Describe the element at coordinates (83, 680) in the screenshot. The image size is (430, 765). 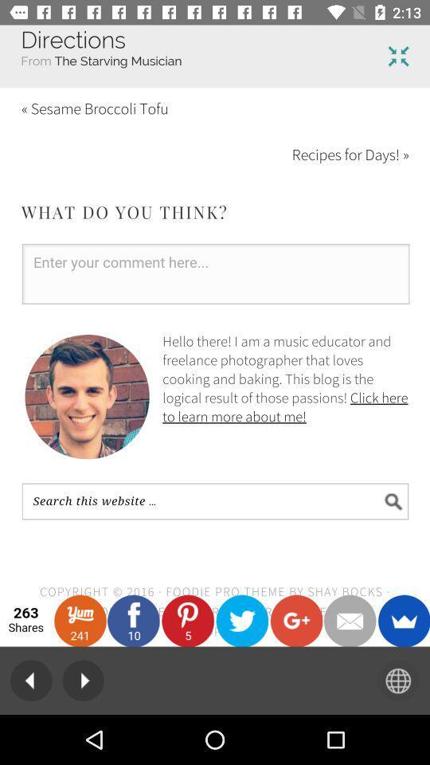
I see `the play icon` at that location.